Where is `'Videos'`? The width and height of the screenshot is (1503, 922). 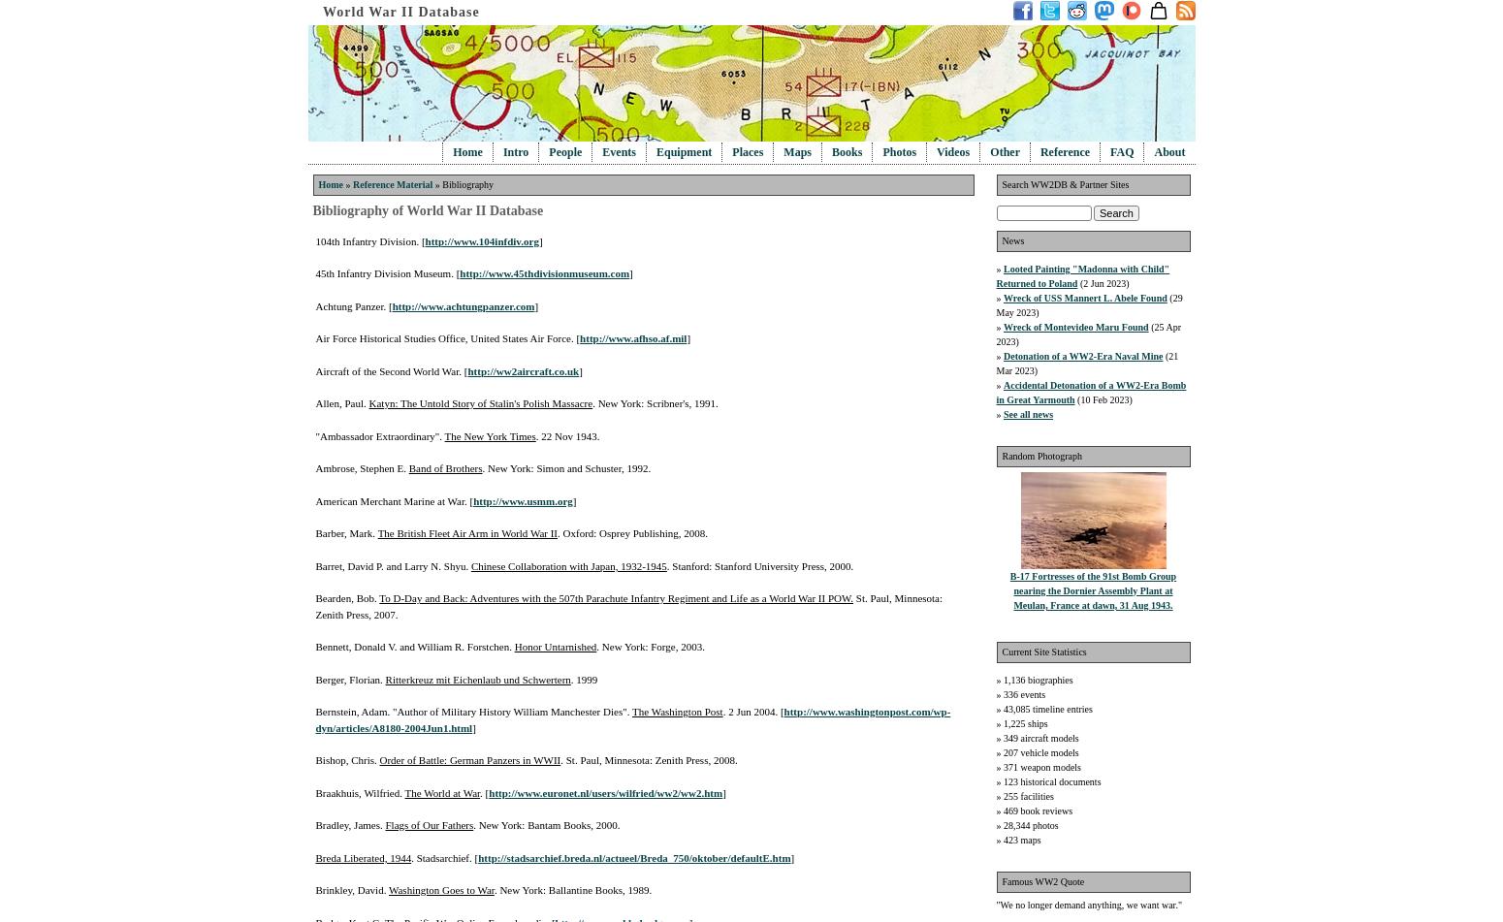
'Videos' is located at coordinates (952, 152).